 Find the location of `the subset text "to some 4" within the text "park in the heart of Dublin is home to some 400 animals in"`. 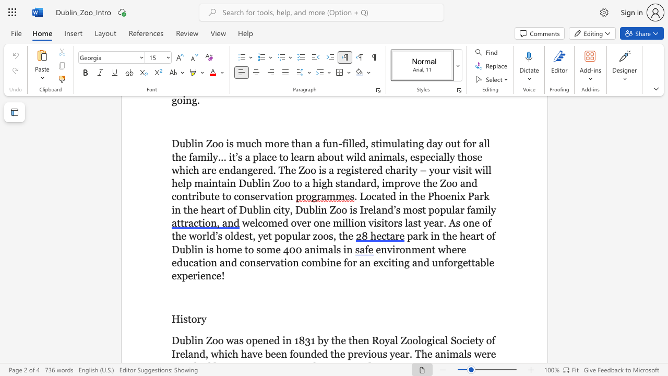

the subset text "to some 4" within the text "park in the heart of Dublin is home to some 400 animals in" is located at coordinates (244, 249).